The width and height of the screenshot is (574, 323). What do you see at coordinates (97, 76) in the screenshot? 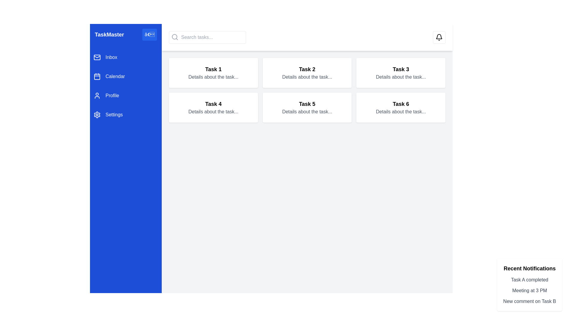
I see `the calendar icon located in the sidebar menu next to the 'Calendar' text, which is positioned below 'Inbox' and above 'Profile'` at bounding box center [97, 76].